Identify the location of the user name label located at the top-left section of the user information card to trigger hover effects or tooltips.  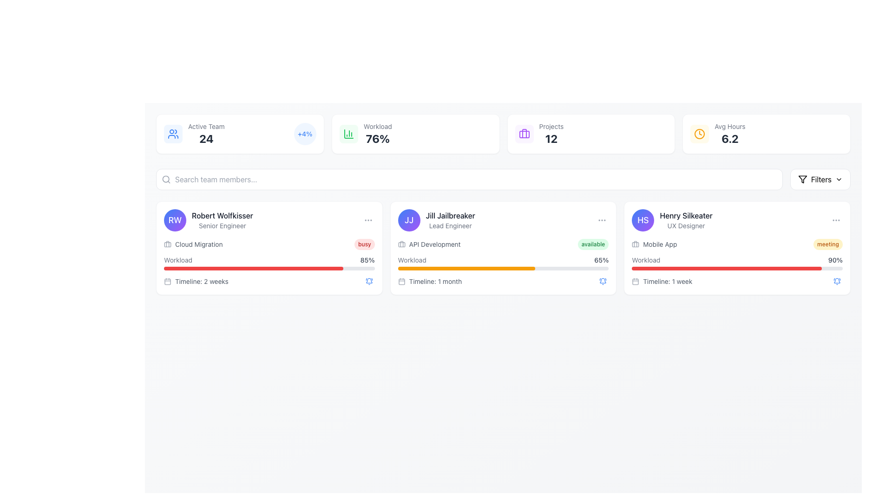
(222, 216).